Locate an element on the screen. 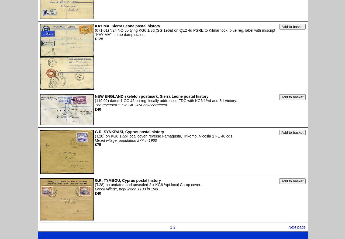 This screenshot has width=345, height=239. '£75' is located at coordinates (98, 144).